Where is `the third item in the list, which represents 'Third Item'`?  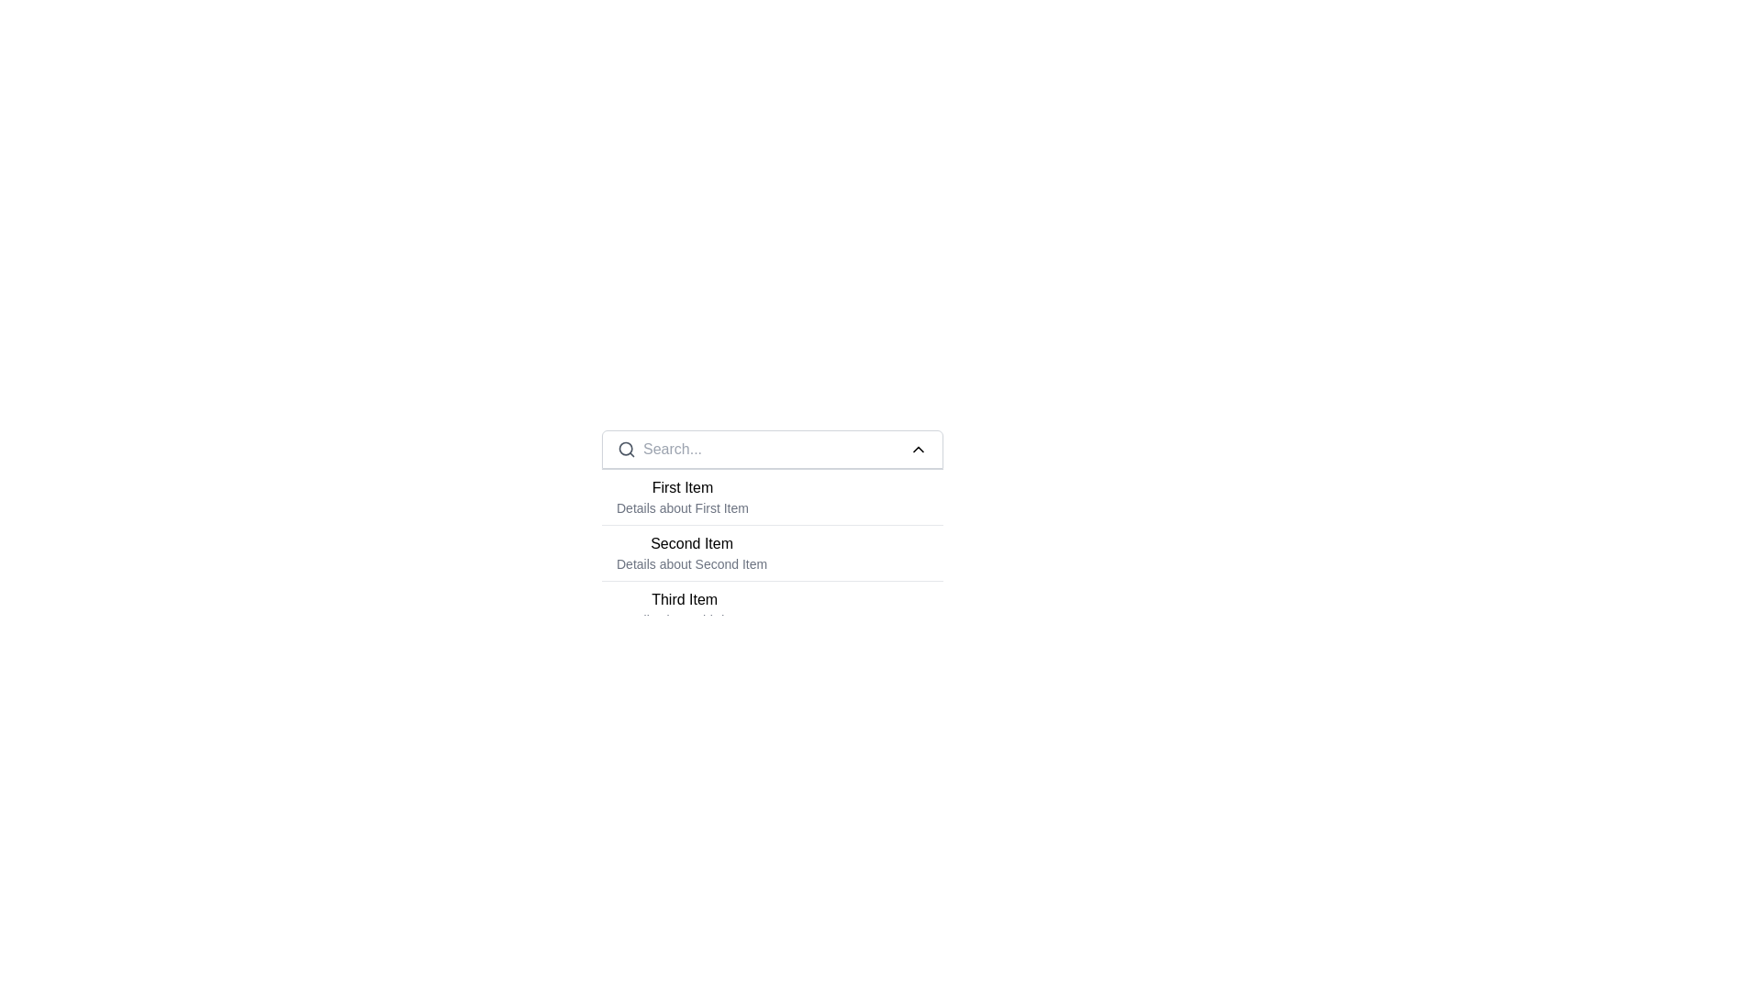 the third item in the list, which represents 'Third Item' is located at coordinates (772, 608).